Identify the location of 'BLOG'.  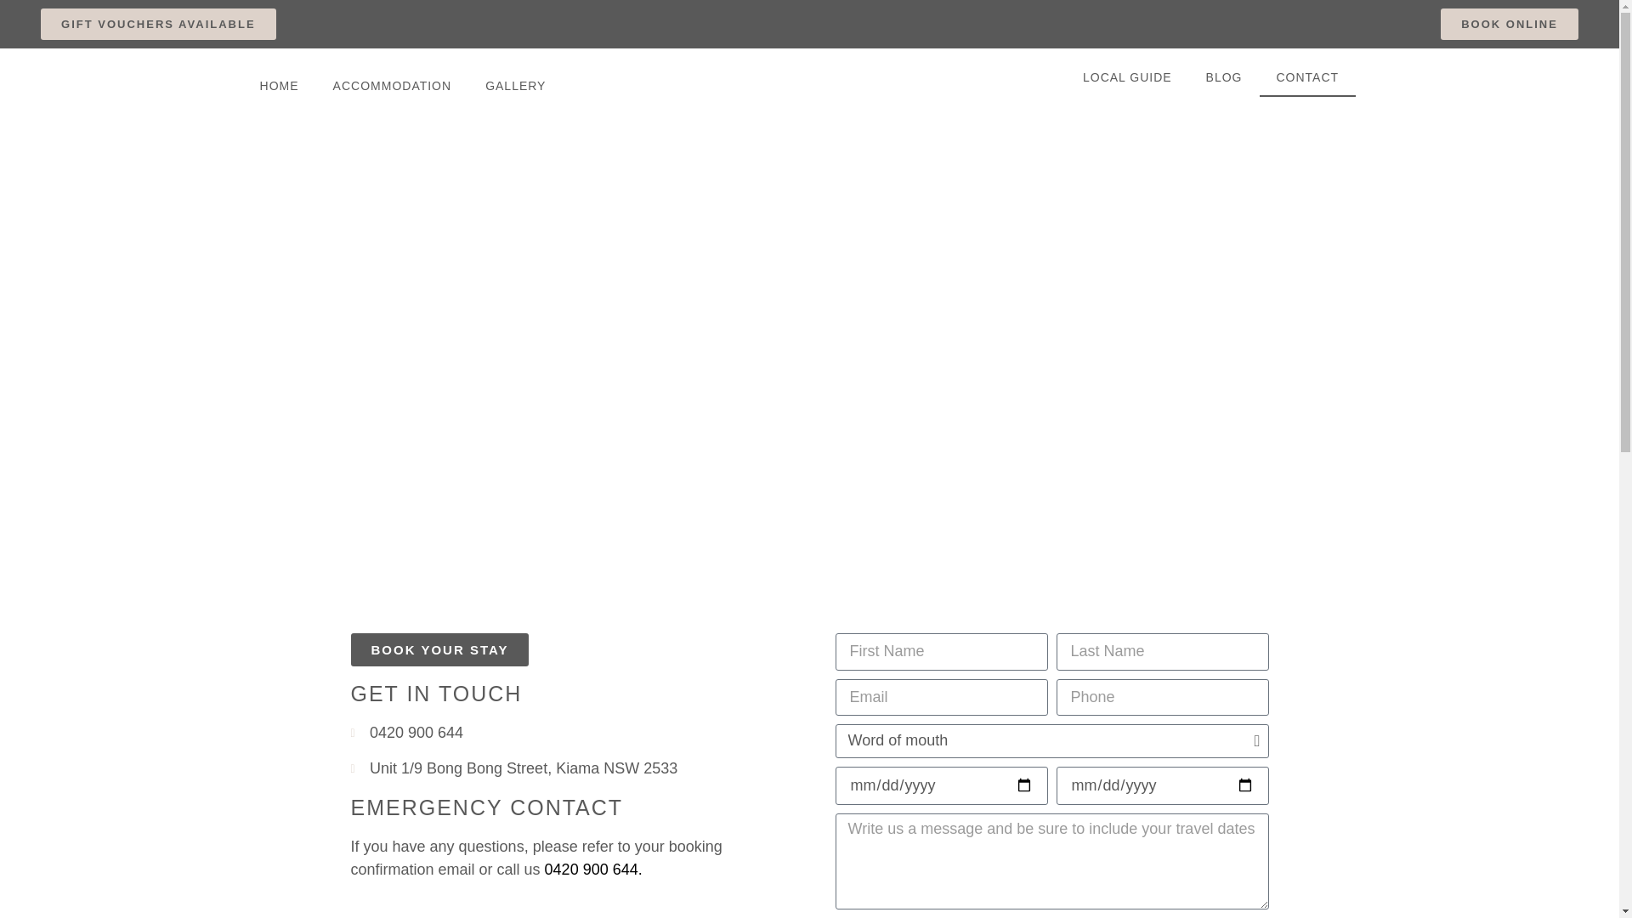
(1224, 77).